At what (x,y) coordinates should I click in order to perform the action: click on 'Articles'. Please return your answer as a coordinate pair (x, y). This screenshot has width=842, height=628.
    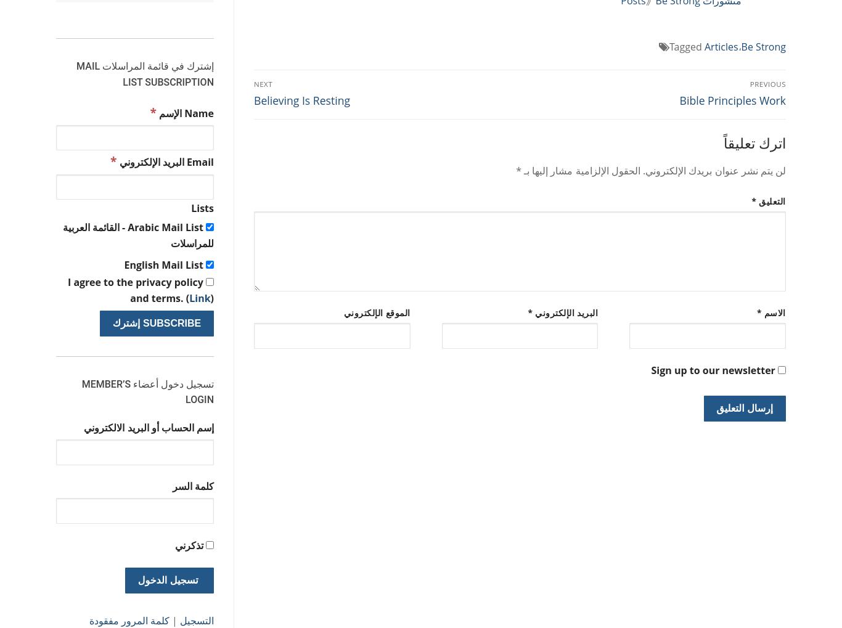
    Looking at the image, I should click on (721, 47).